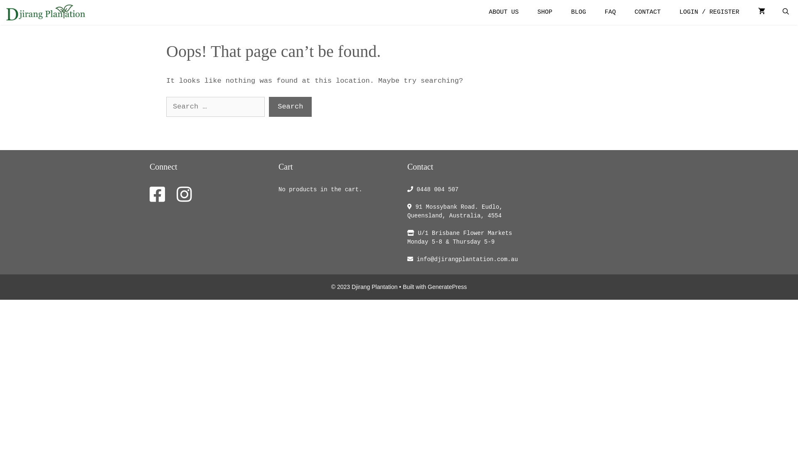 The width and height of the screenshot is (798, 449). I want to click on 'FAQ', so click(610, 12).